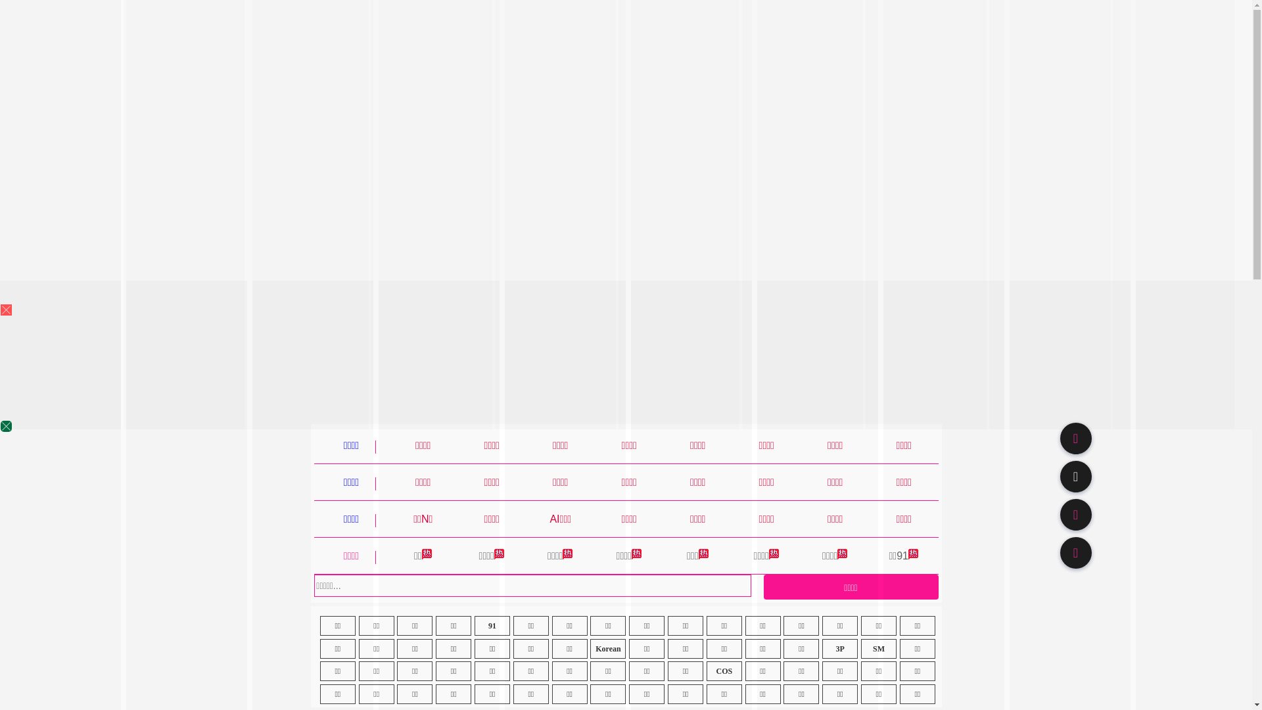 Image resolution: width=1262 pixels, height=710 pixels. I want to click on '91TV', so click(1075, 514).